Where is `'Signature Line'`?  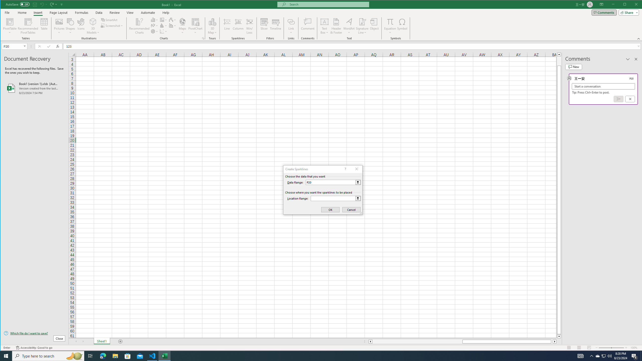 'Signature Line' is located at coordinates (362, 26).